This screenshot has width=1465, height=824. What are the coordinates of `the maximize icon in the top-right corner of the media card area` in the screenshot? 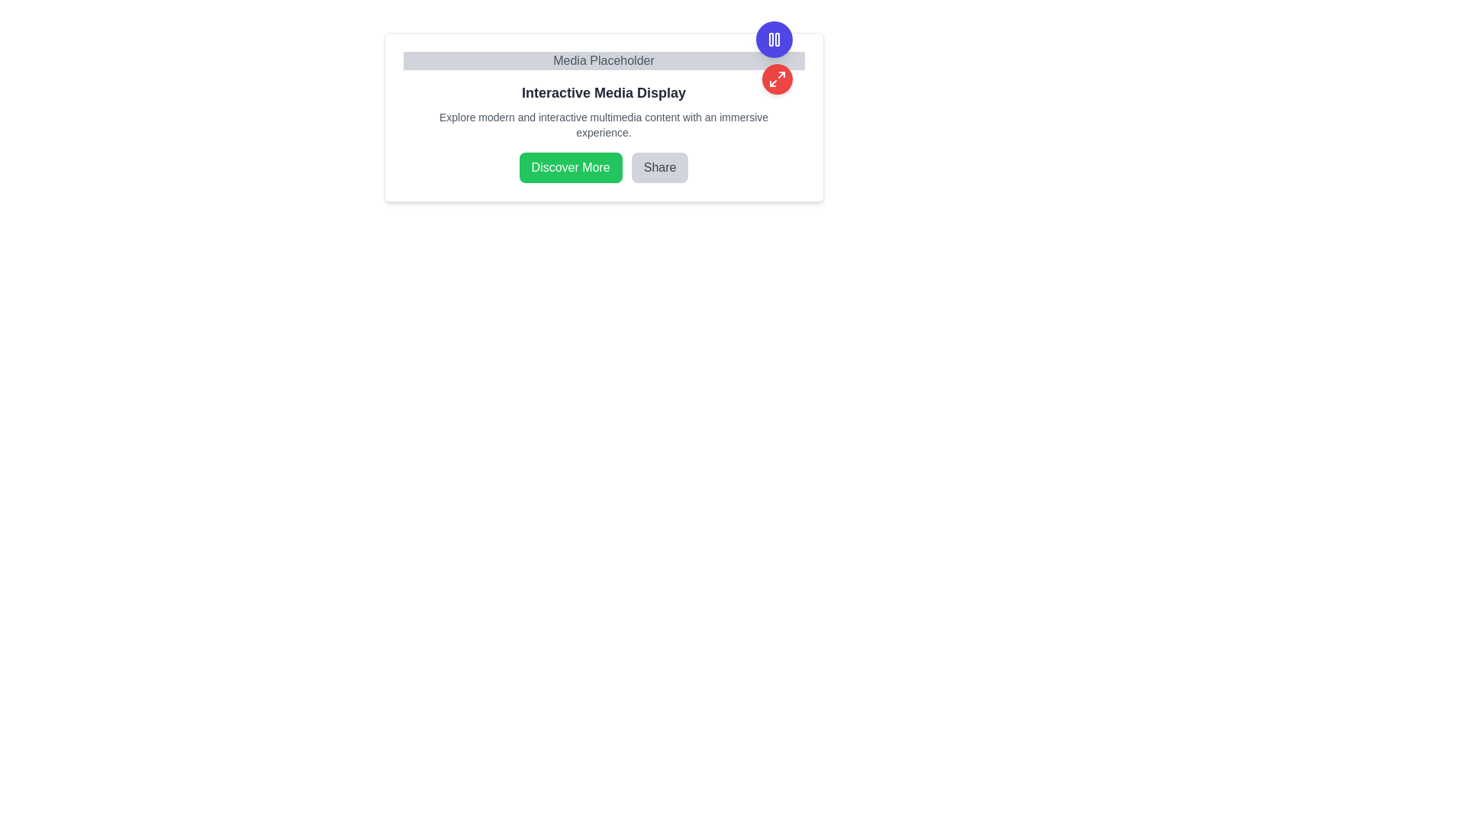 It's located at (777, 79).